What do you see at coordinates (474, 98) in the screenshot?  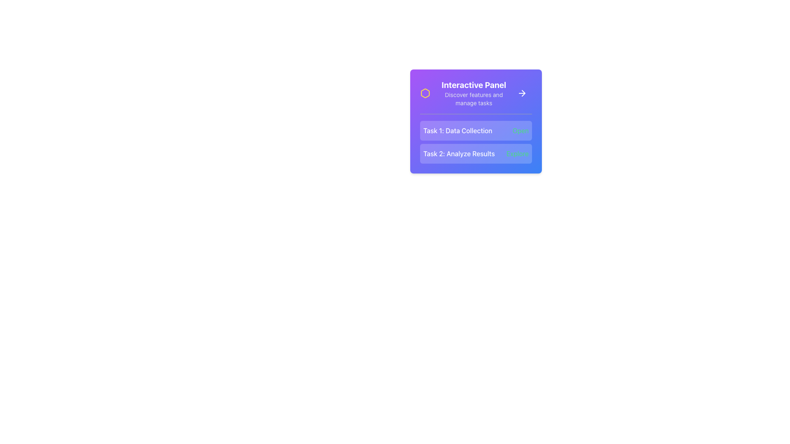 I see `the informational text displaying 'Discover features and manage tasks', which is styled in light gray on a gradient purple-blue background and located below the 'Interactive Panel' title` at bounding box center [474, 98].